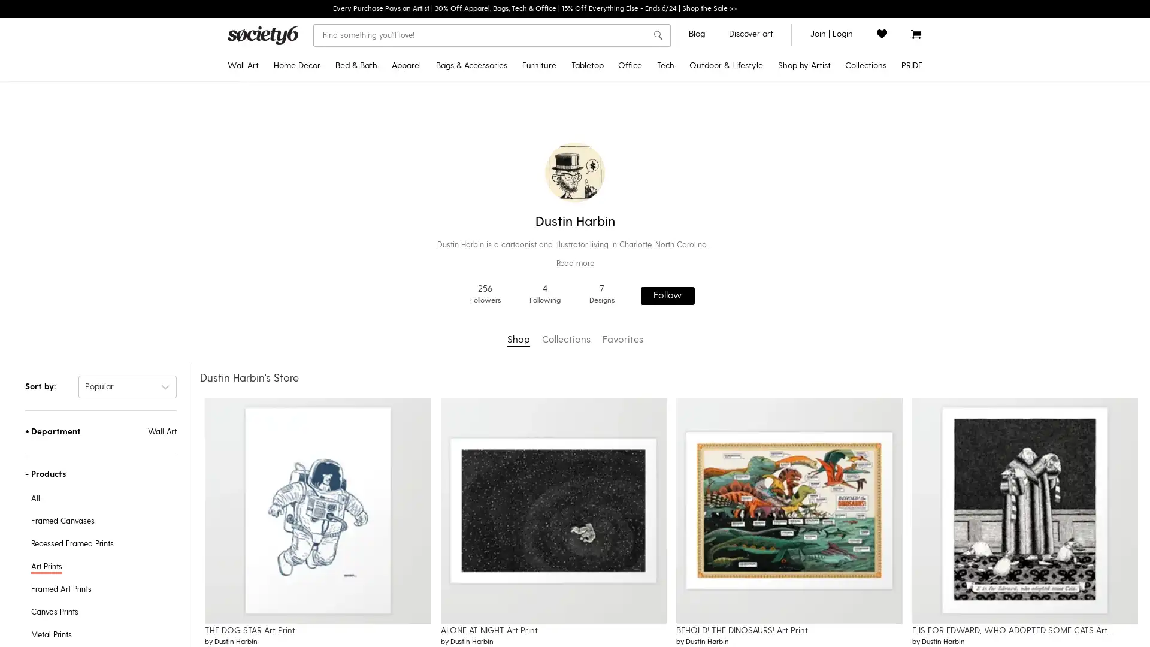 The height and width of the screenshot is (647, 1150). I want to click on Hand & Bath Towels, so click(382, 192).